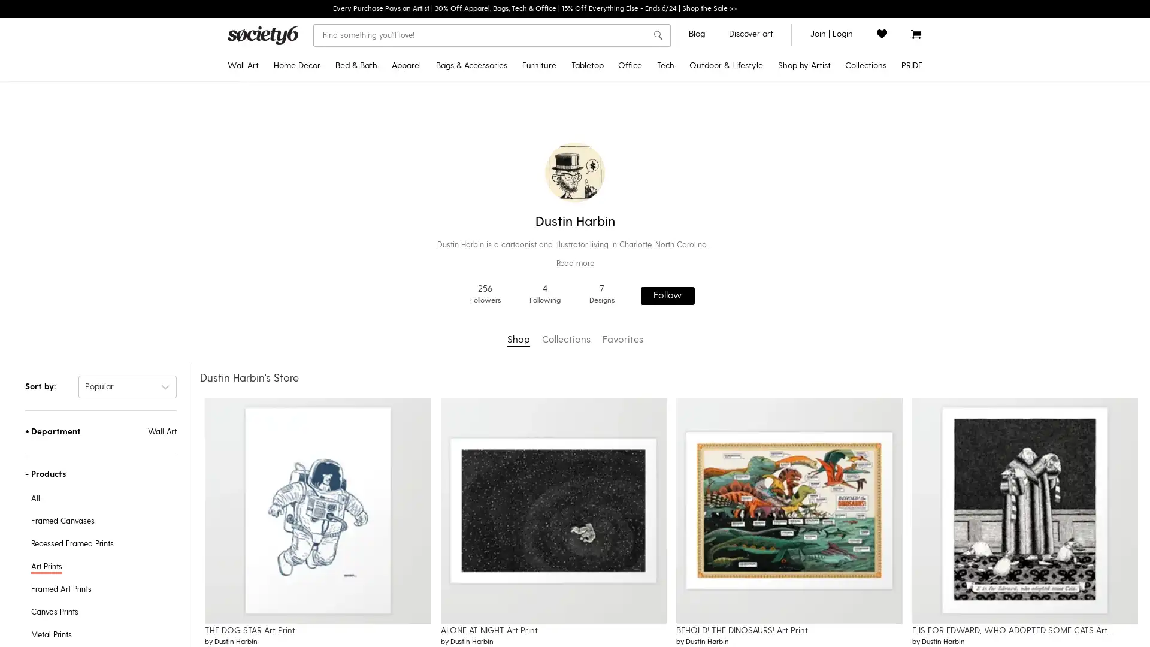 The height and width of the screenshot is (647, 1150). I want to click on Hand & Bath Towels, so click(382, 192).